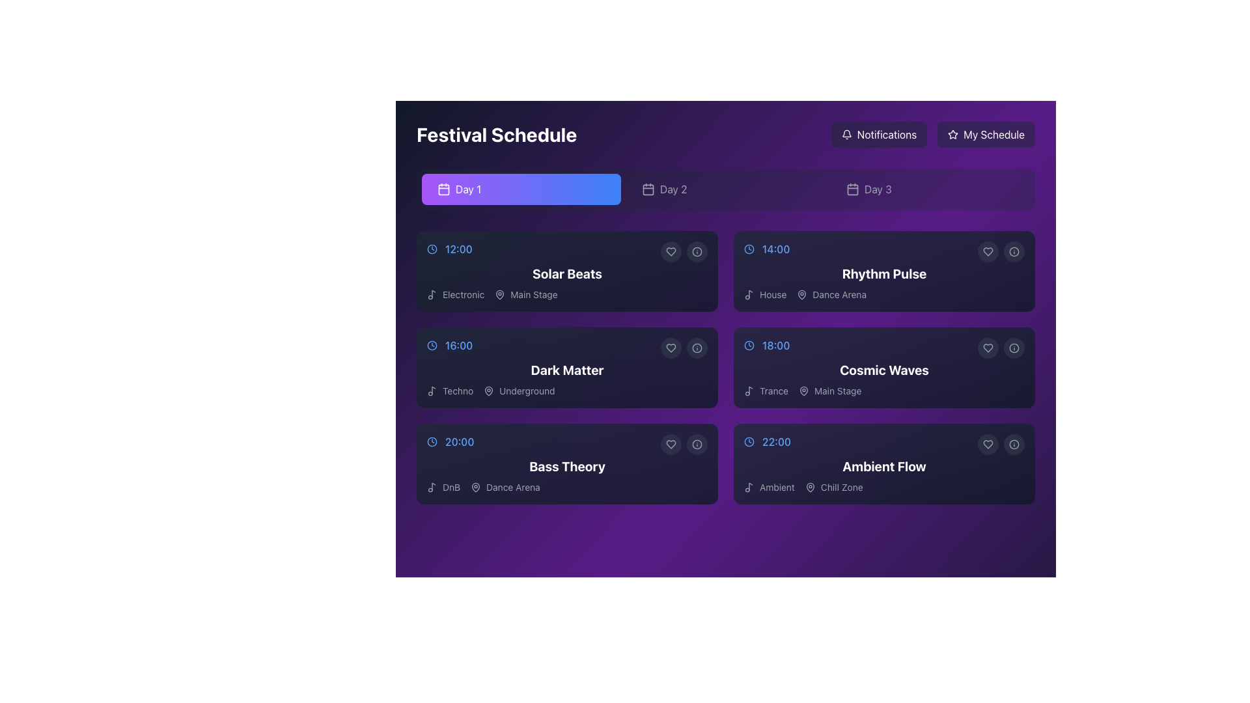 This screenshot has width=1250, height=703. What do you see at coordinates (488, 391) in the screenshot?
I see `the location icon associated with the text label 'Underground' on the left side of the 'Dark Matter' card in the schedule layout` at bounding box center [488, 391].